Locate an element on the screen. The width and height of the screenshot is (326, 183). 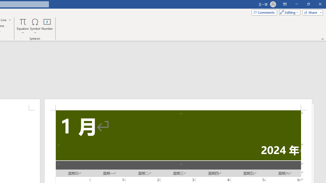
'Close' is located at coordinates (320, 4).